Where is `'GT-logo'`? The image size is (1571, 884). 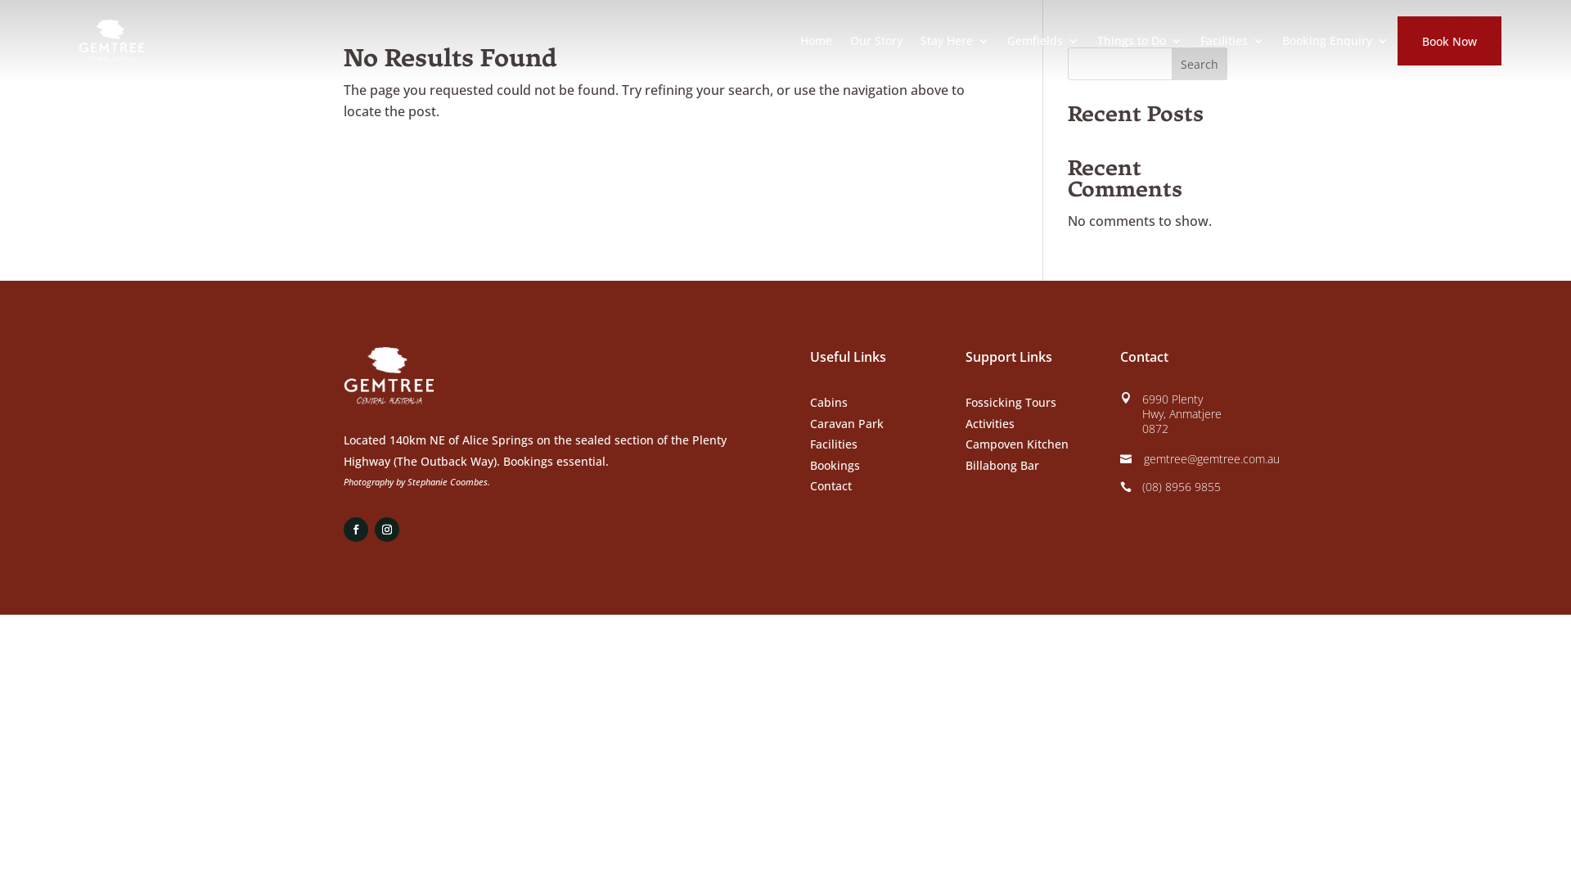
'GT-logo' is located at coordinates (388, 376).